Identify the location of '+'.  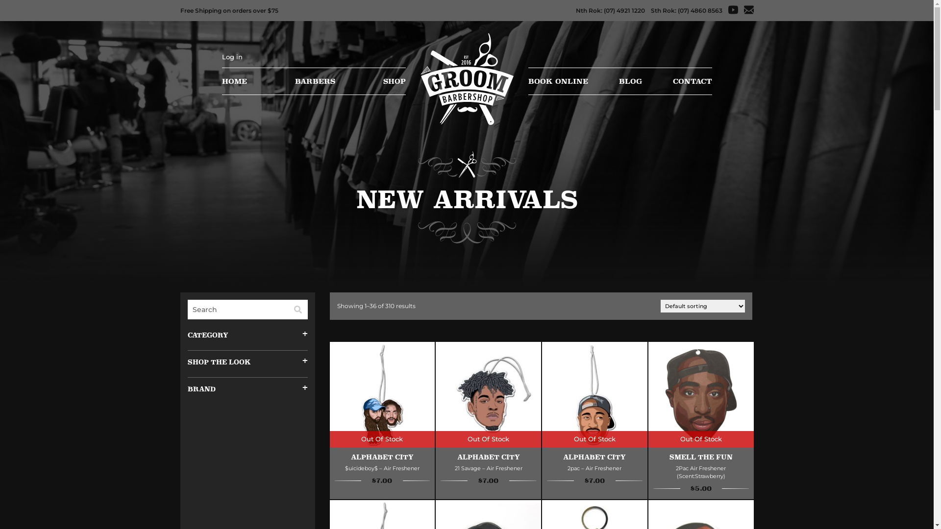
(301, 334).